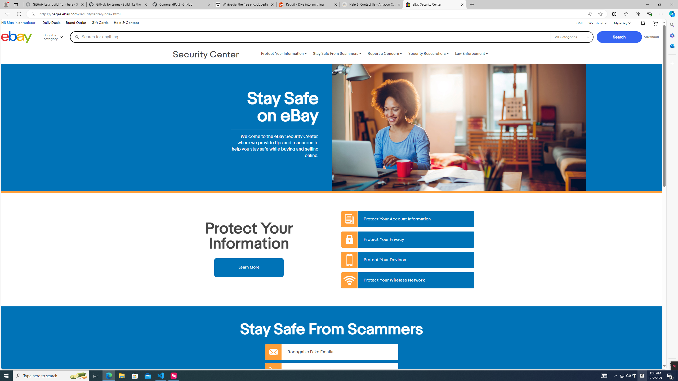  I want to click on 'Protect Your Wireless Network', so click(408, 280).